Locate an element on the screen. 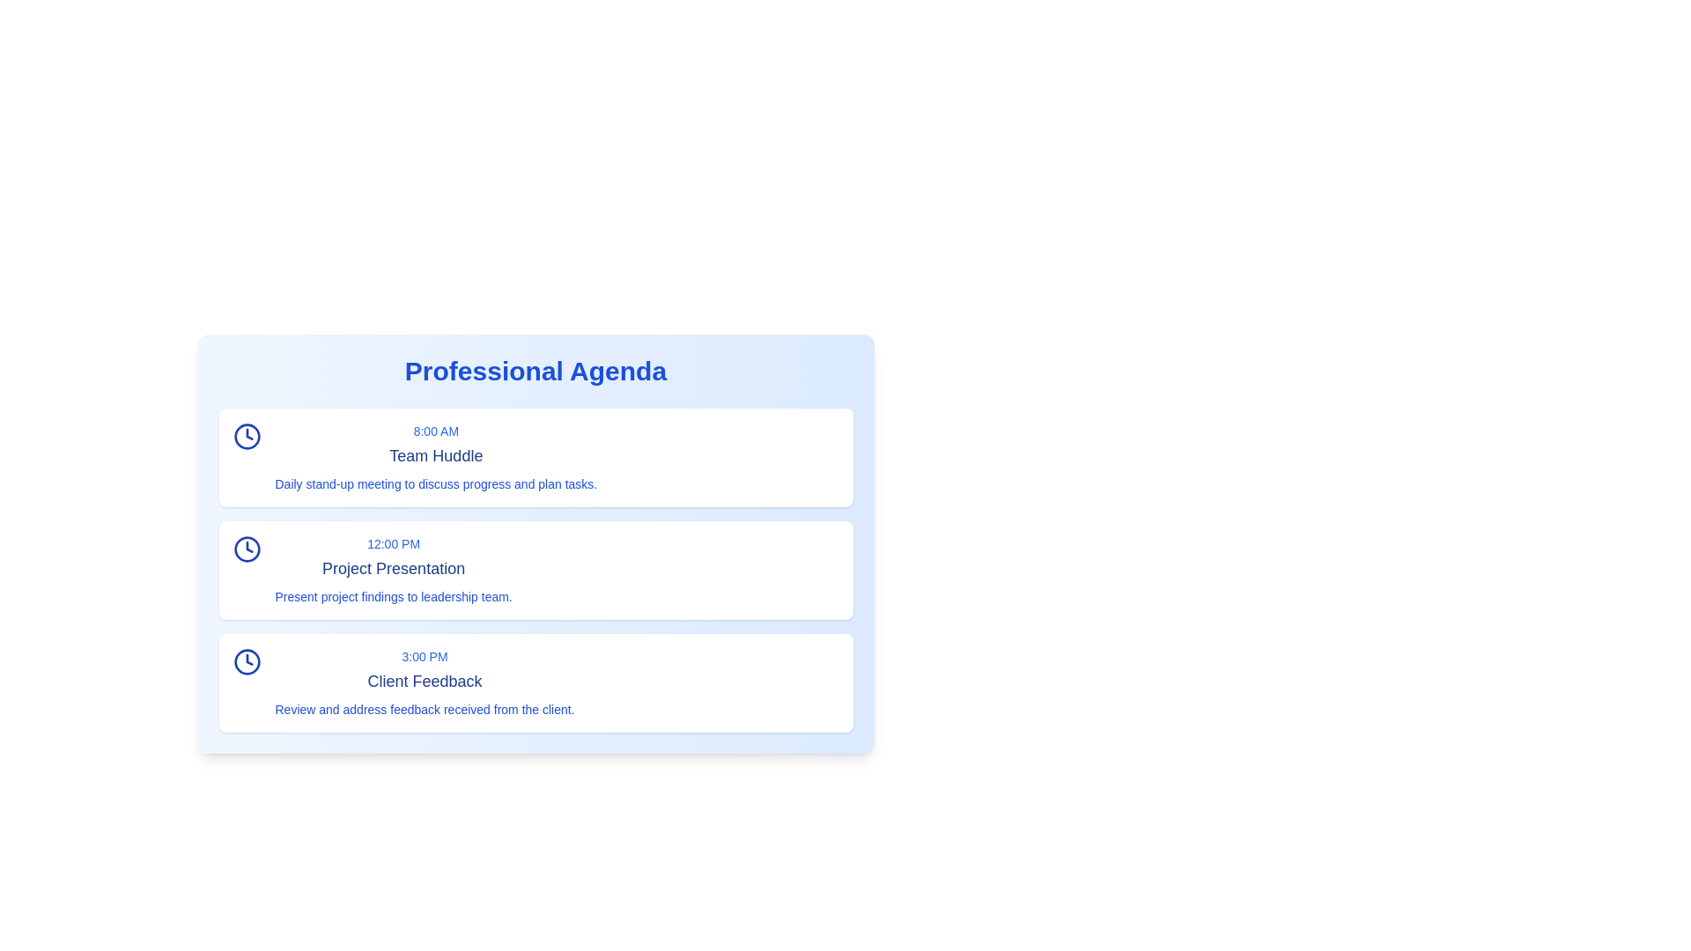  the 'Team Huddle' text label, which is styled with a bold font and blue color, positioned below the timestamp '8:00 AM' and above the description of the agenda item is located at coordinates (436, 454).